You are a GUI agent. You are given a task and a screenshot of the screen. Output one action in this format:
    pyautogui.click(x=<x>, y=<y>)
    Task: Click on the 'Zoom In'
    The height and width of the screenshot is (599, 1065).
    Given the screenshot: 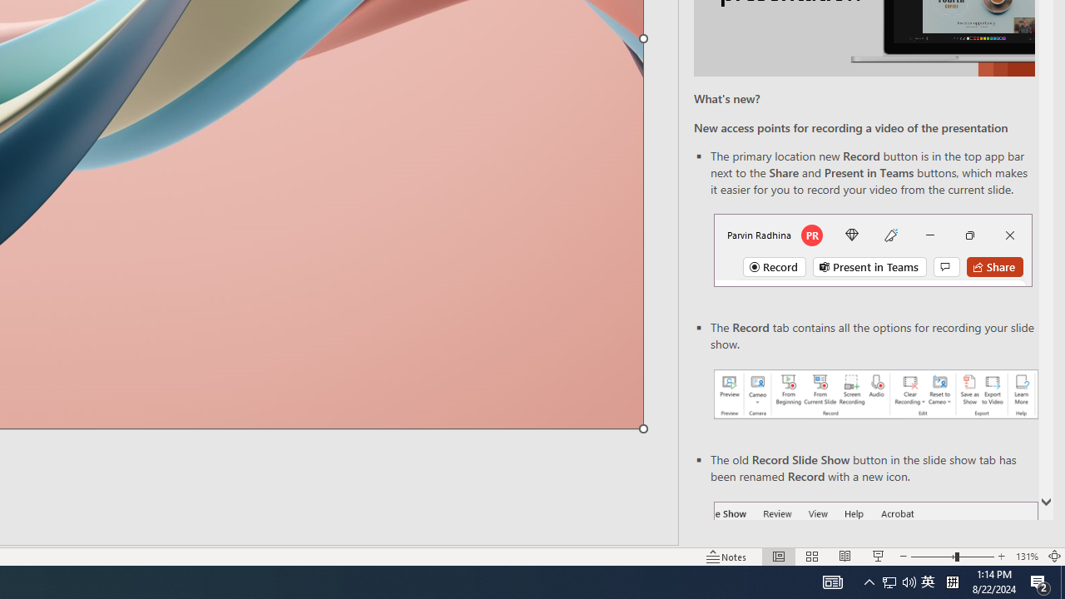 What is the action you would take?
    pyautogui.click(x=1001, y=557)
    